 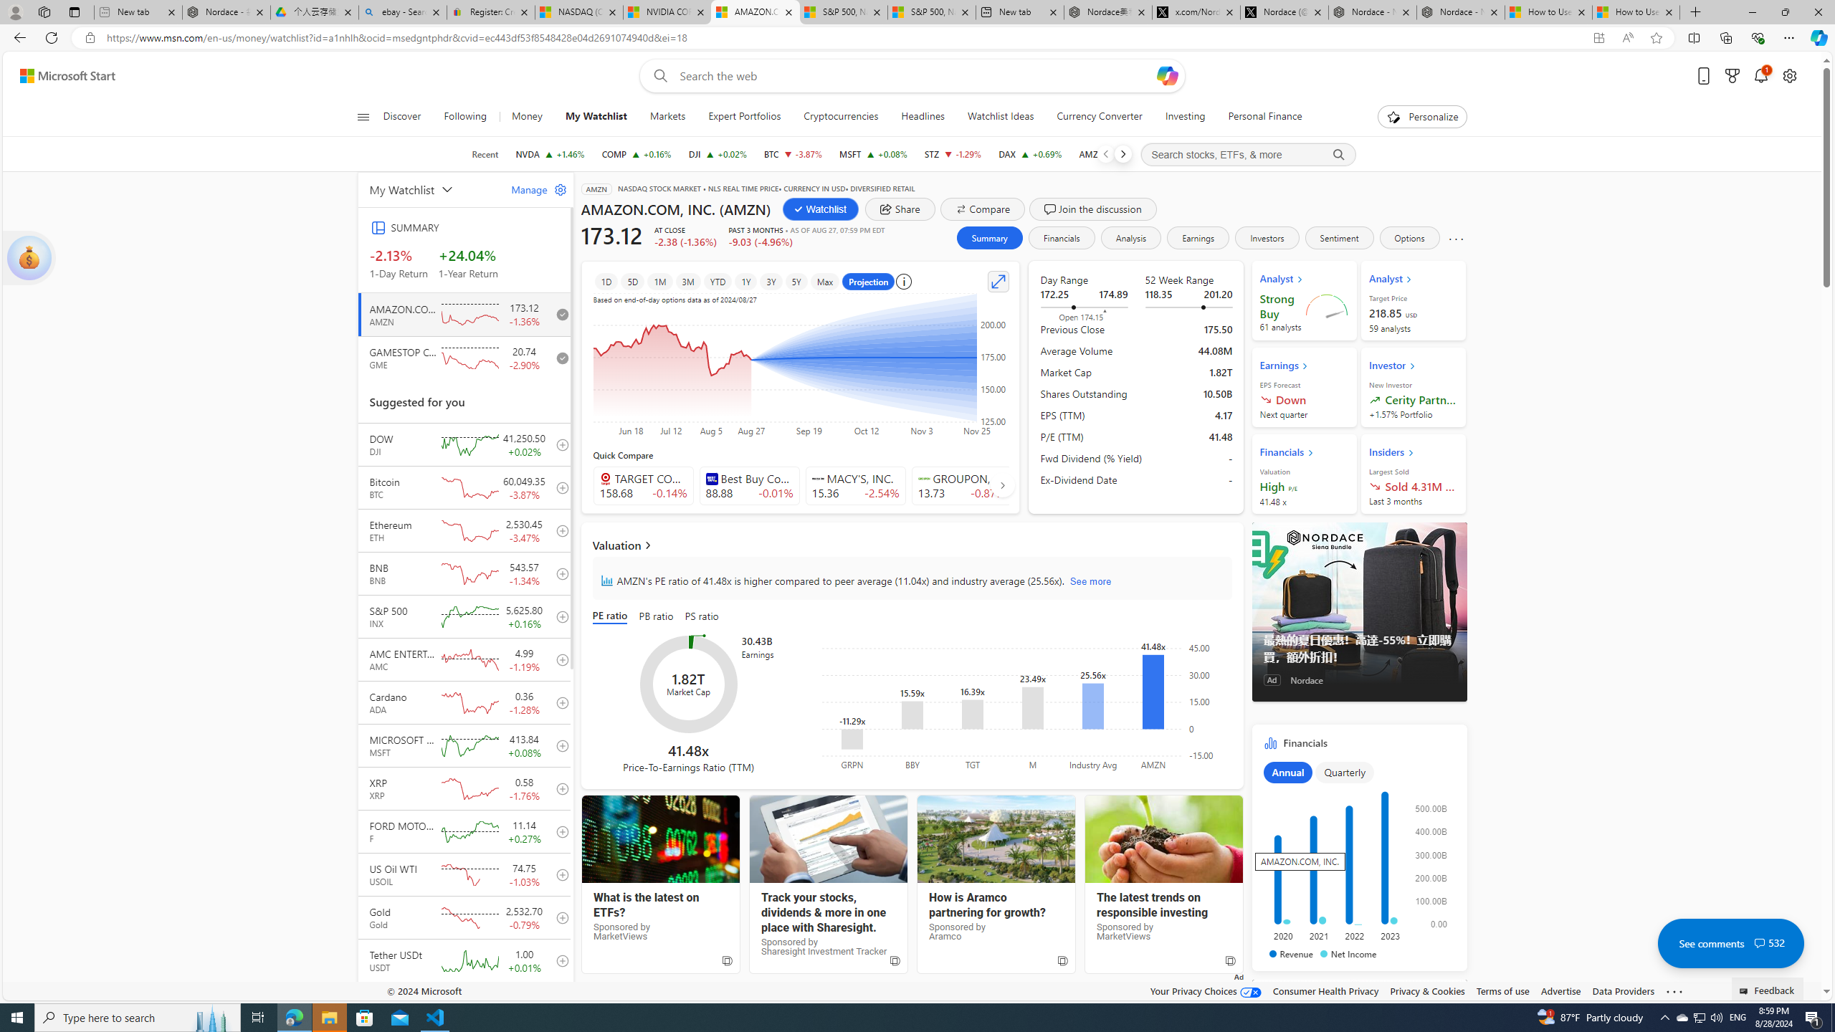 What do you see at coordinates (1166, 75) in the screenshot?
I see `'Open Copilot'` at bounding box center [1166, 75].